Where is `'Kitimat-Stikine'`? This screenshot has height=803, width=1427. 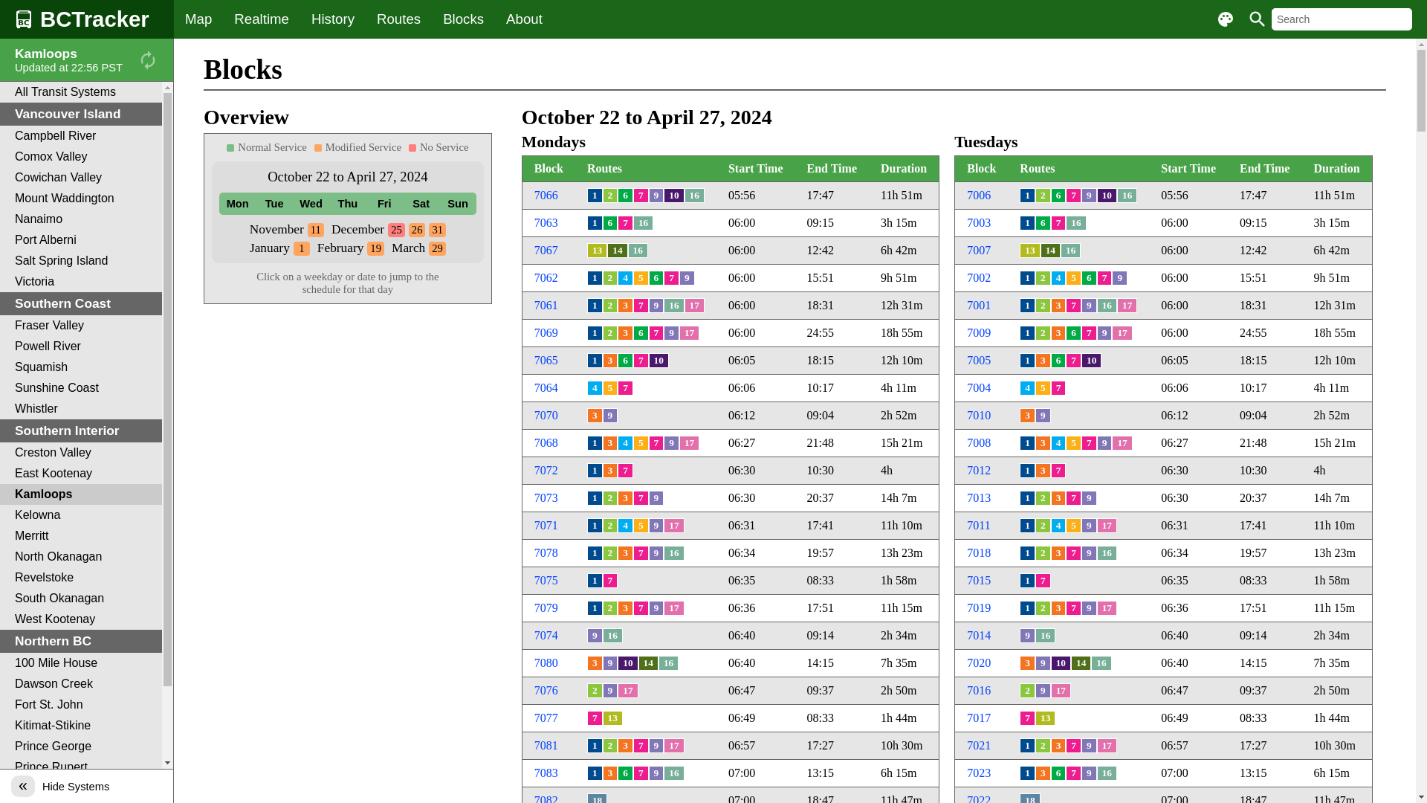 'Kitimat-Stikine' is located at coordinates (0, 724).